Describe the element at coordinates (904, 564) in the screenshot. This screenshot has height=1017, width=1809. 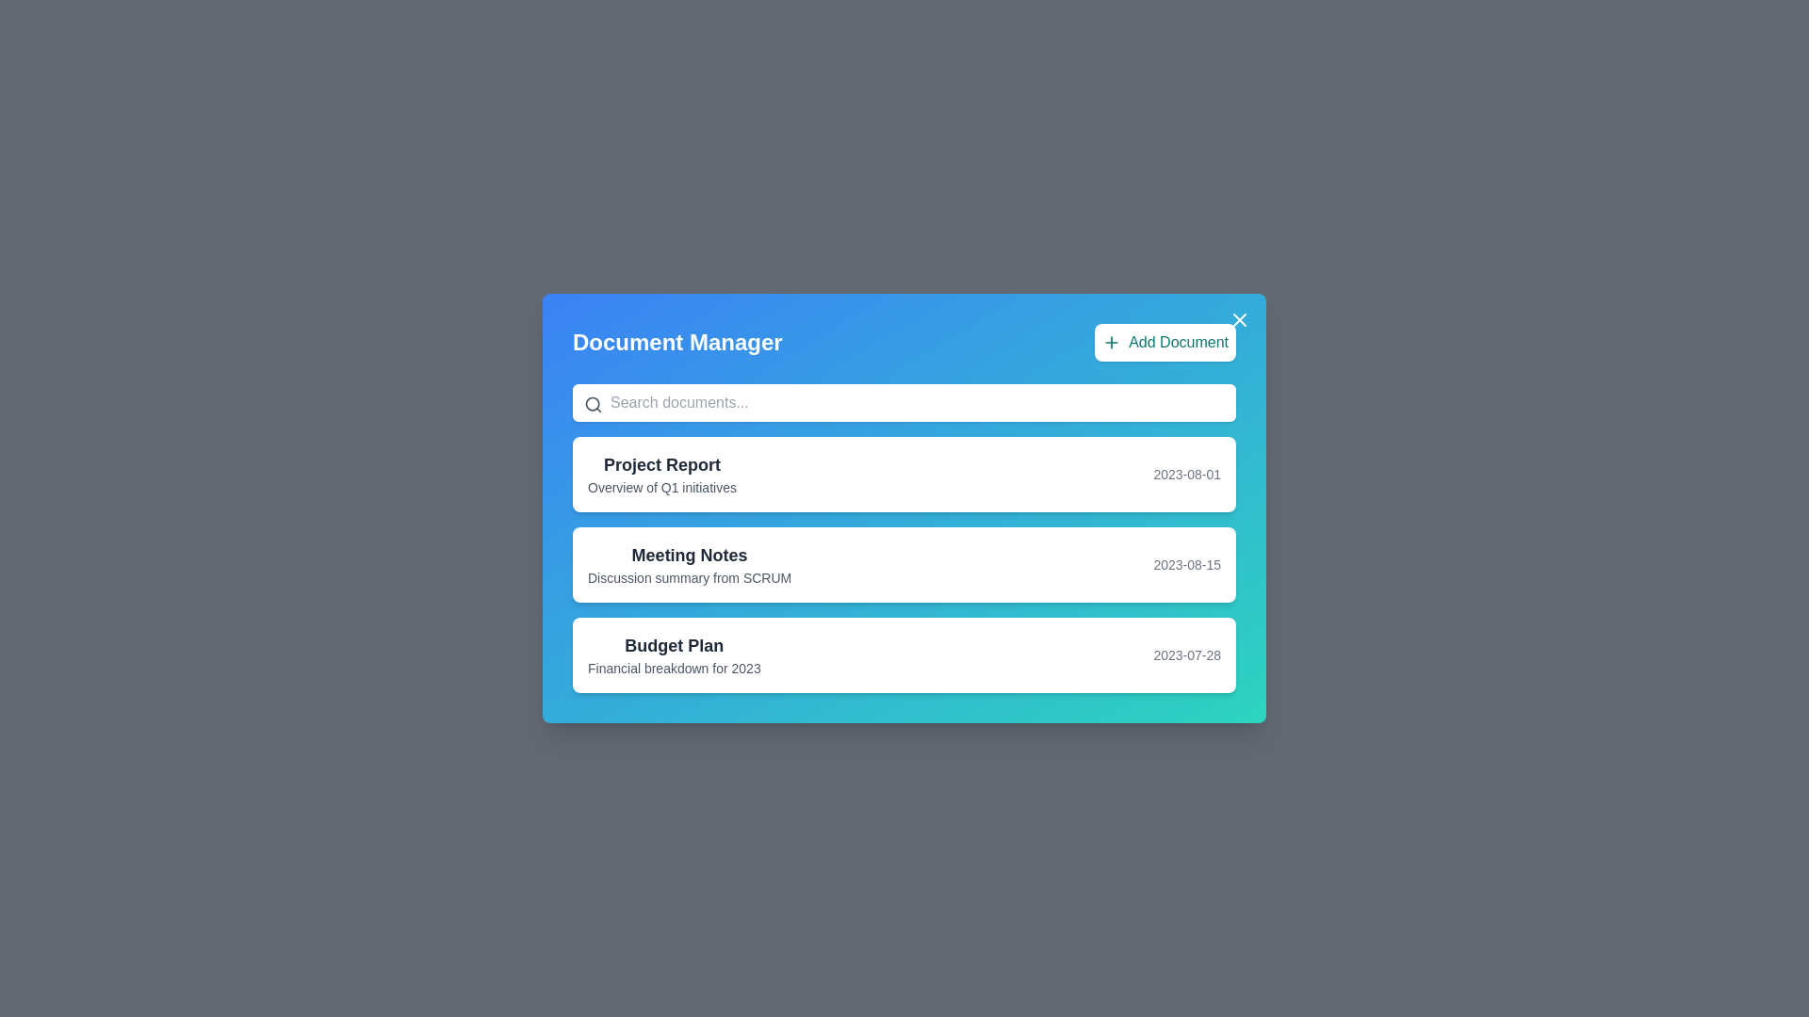
I see `the document titled 'Meeting Notes'` at that location.